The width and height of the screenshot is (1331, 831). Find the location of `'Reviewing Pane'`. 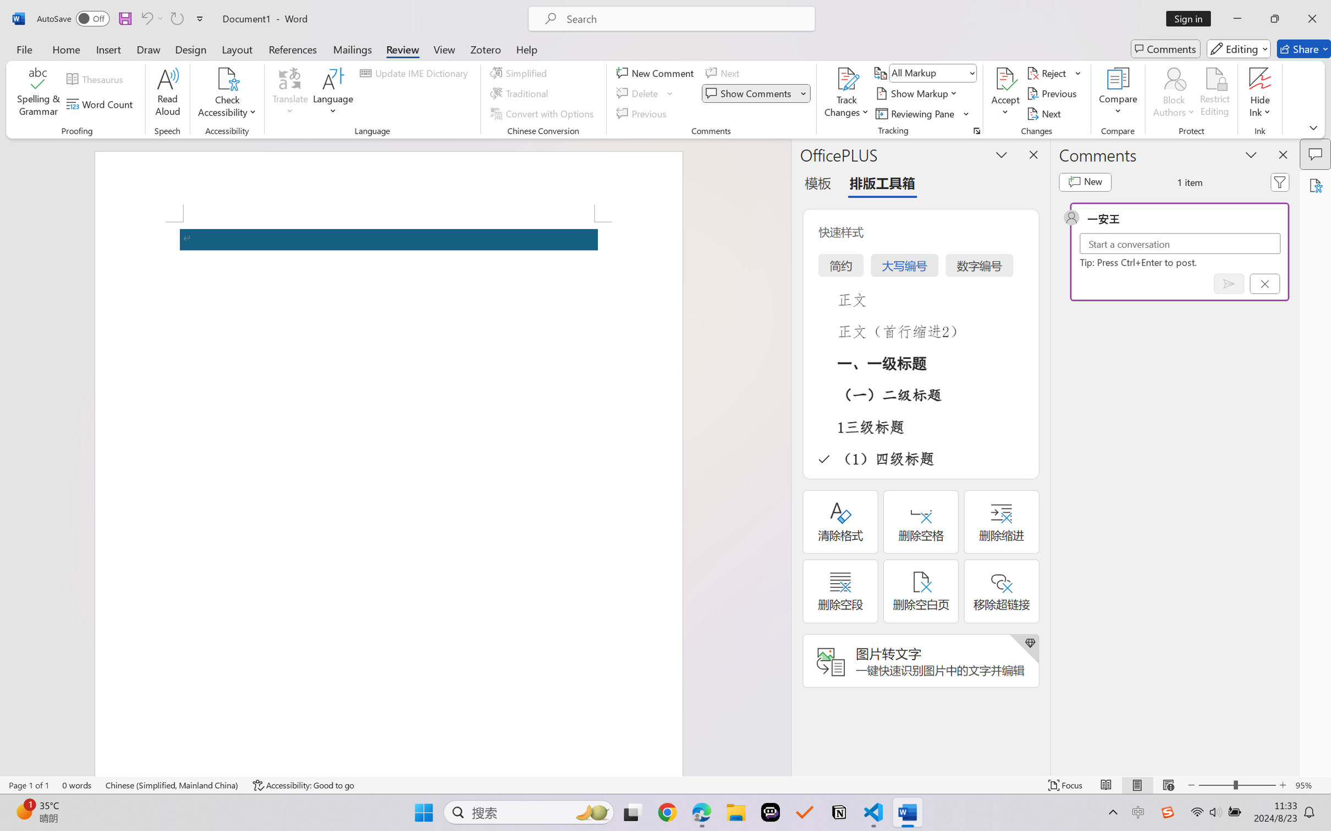

'Reviewing Pane' is located at coordinates (922, 114).